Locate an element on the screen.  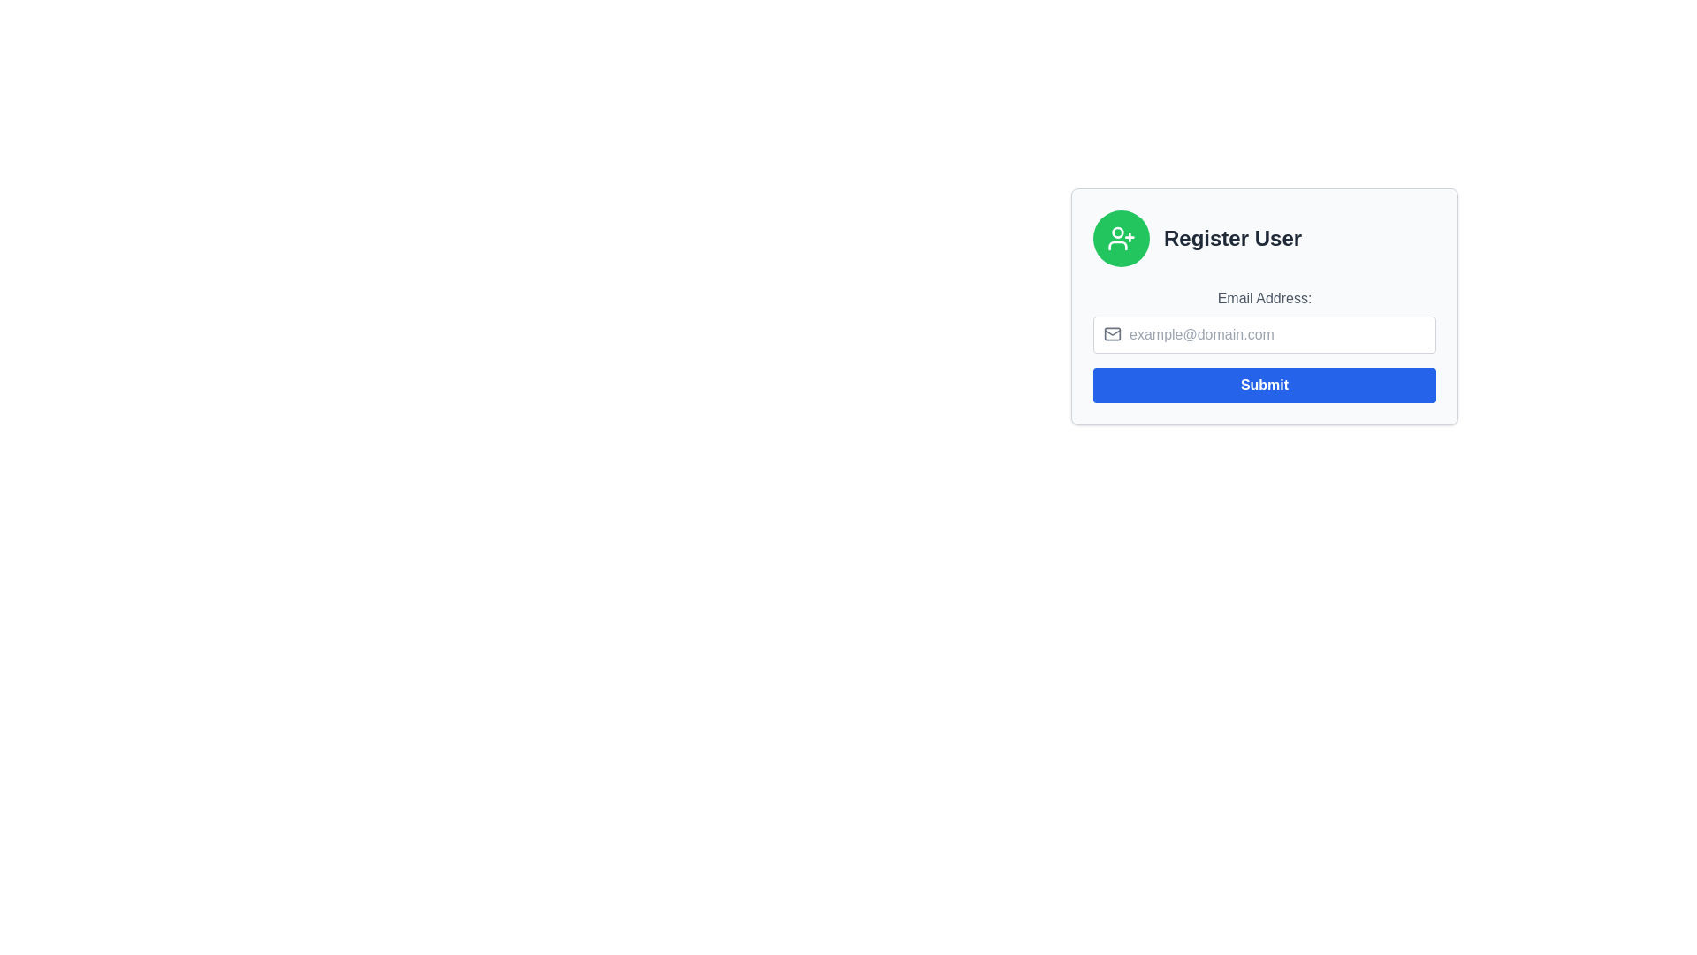
the decorative icon to the left of the 'Email Address' input field, which visually indicates that the adjacent field is for entering an email address is located at coordinates (1111, 334).